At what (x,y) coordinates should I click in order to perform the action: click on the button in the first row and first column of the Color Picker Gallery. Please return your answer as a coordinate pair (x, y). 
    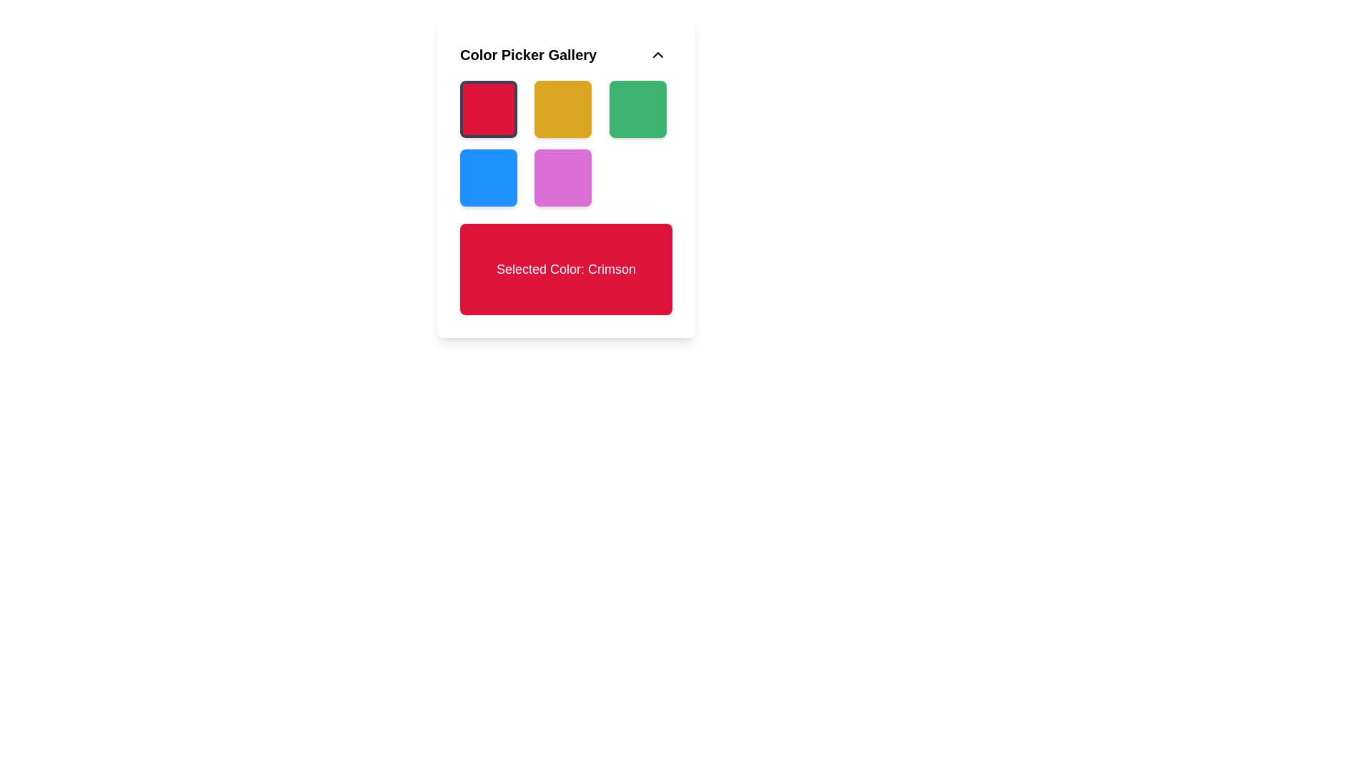
    Looking at the image, I should click on (489, 109).